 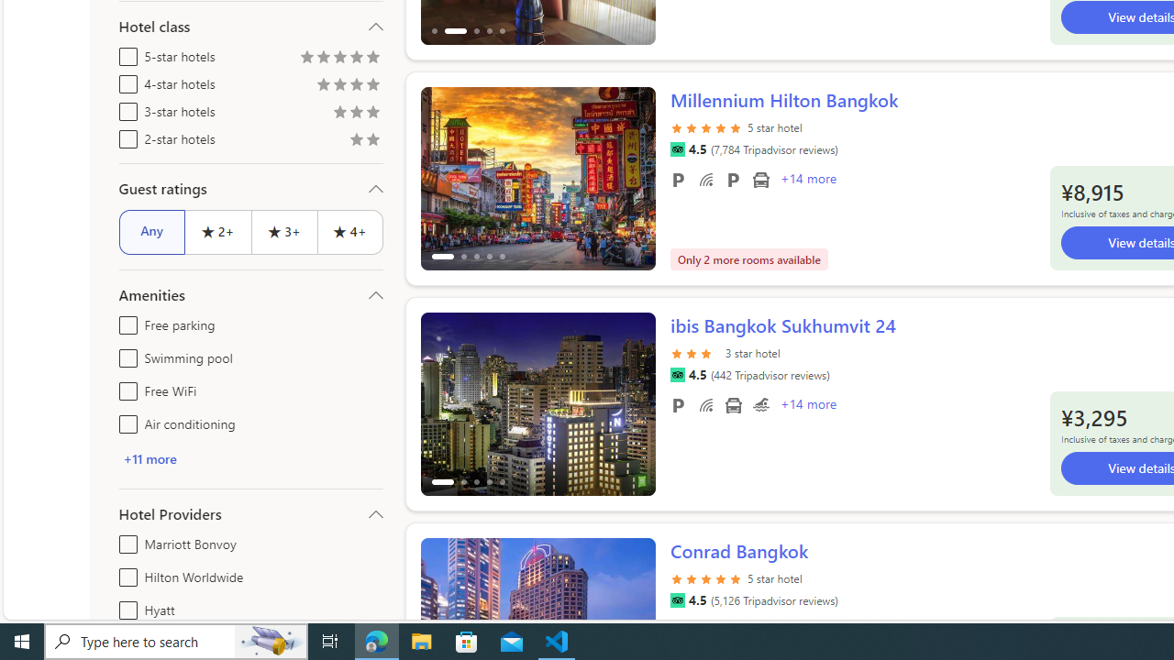 I want to click on '3-star hotels', so click(x=124, y=108).